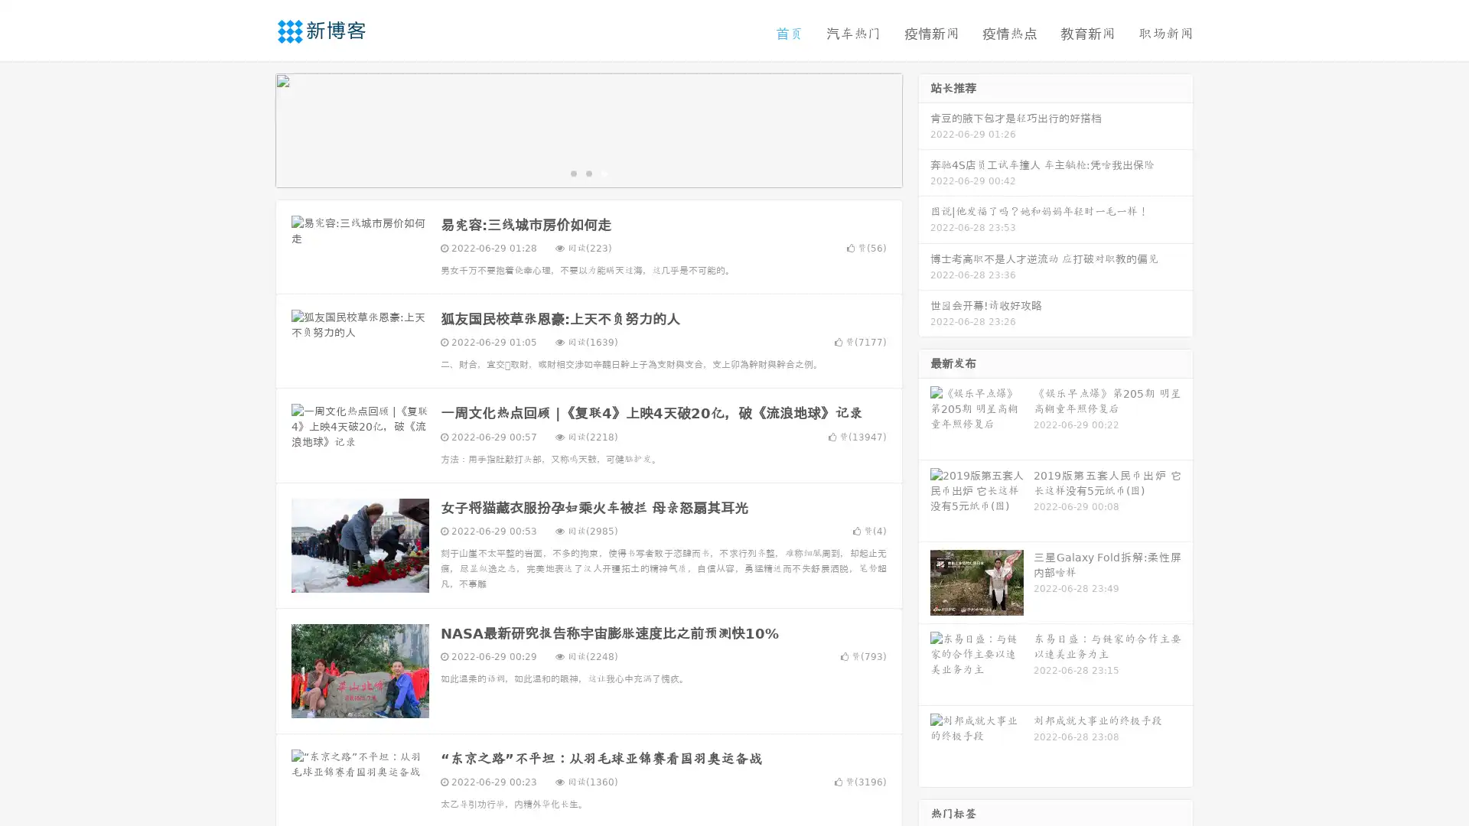 Image resolution: width=1469 pixels, height=826 pixels. I want to click on Go to slide 1, so click(572, 172).